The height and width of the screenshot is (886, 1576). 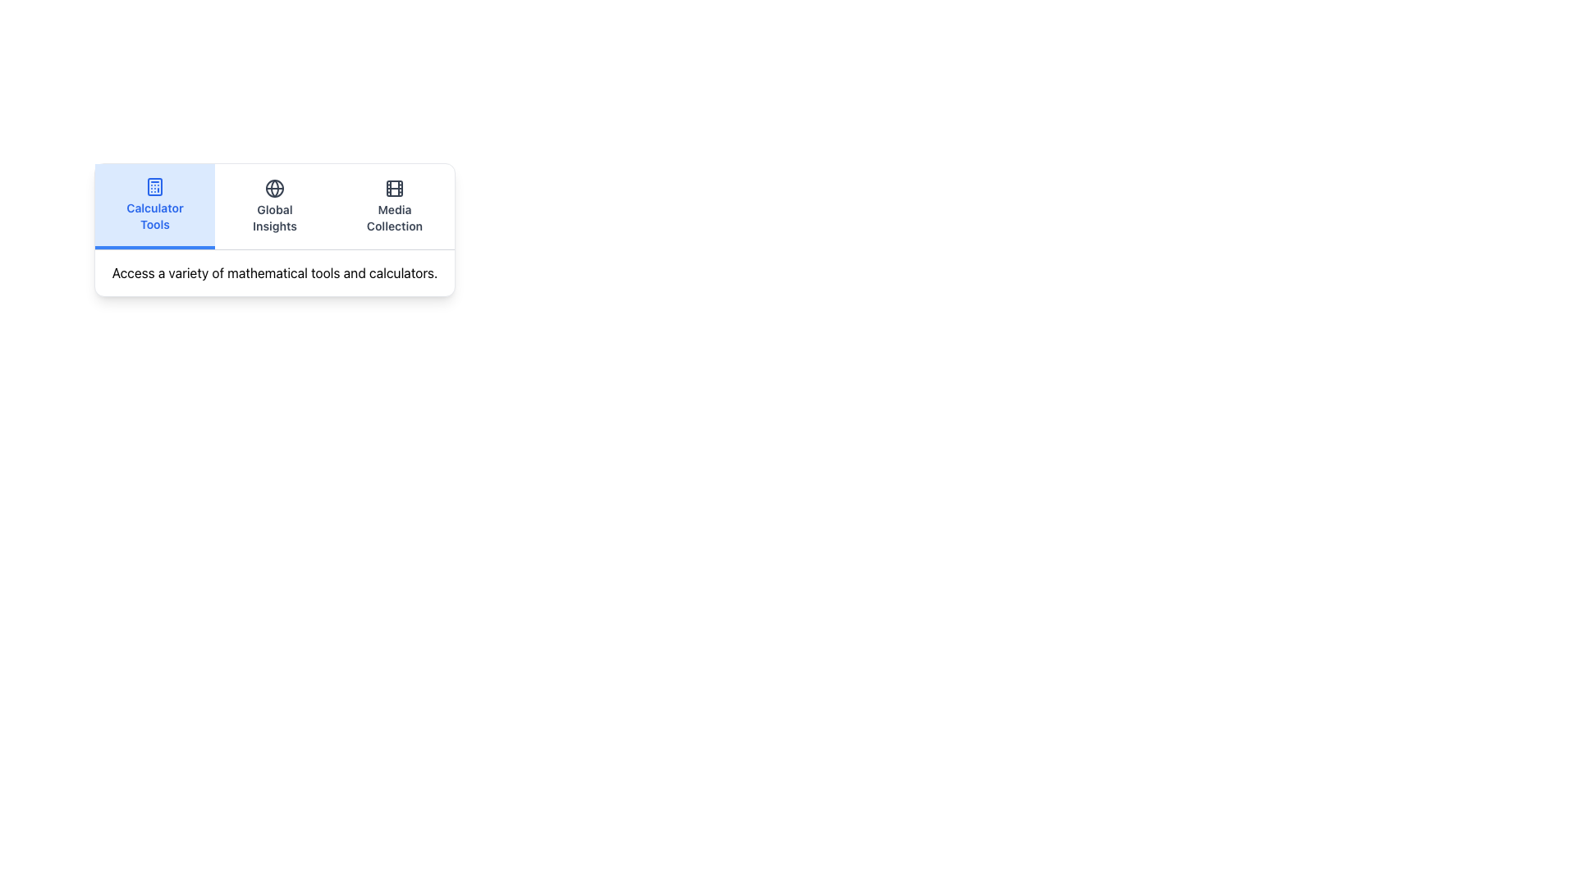 What do you see at coordinates (275, 272) in the screenshot?
I see `text content 'Access a variety of mathematical tools and calculators.' located at the bottom section of the card beneath the 'Calculator Tools' tab` at bounding box center [275, 272].